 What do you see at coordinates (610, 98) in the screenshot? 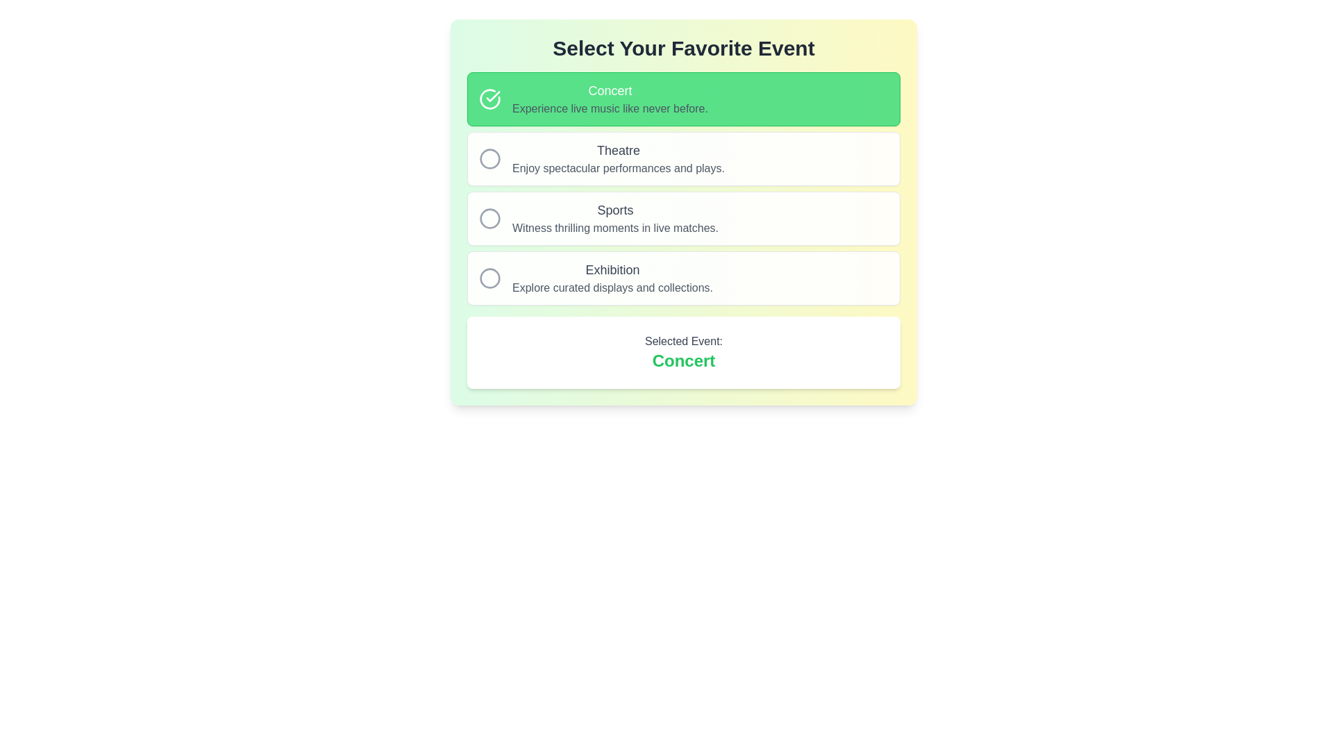
I see `the static informational text element that contains the text 'Concert Experience live music like never before.' within a vibrant green box, indicating the selected option` at bounding box center [610, 98].